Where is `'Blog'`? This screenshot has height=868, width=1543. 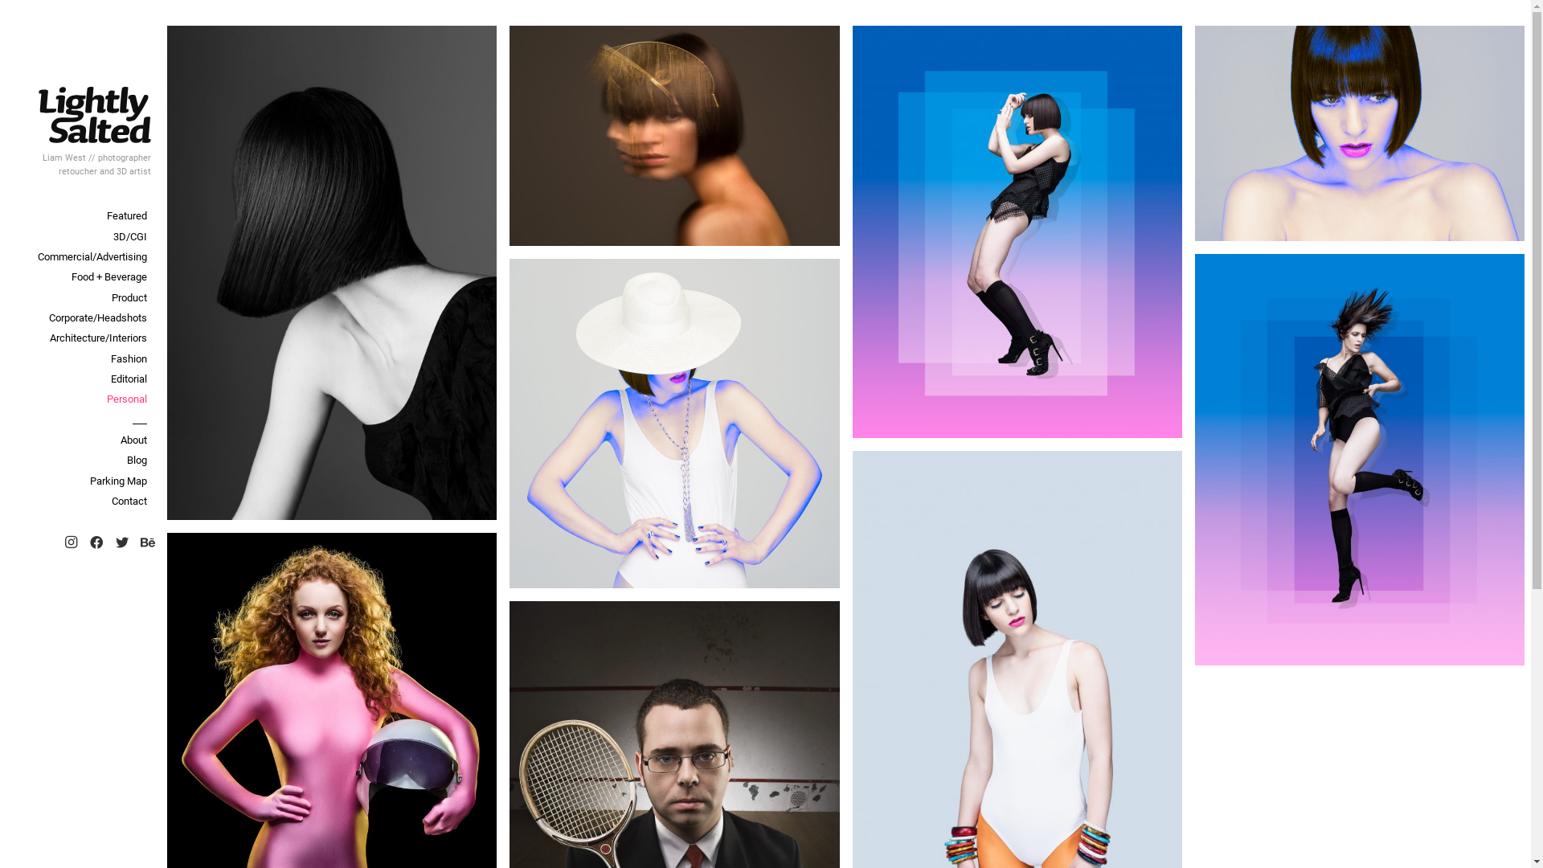 'Blog' is located at coordinates (80, 460).